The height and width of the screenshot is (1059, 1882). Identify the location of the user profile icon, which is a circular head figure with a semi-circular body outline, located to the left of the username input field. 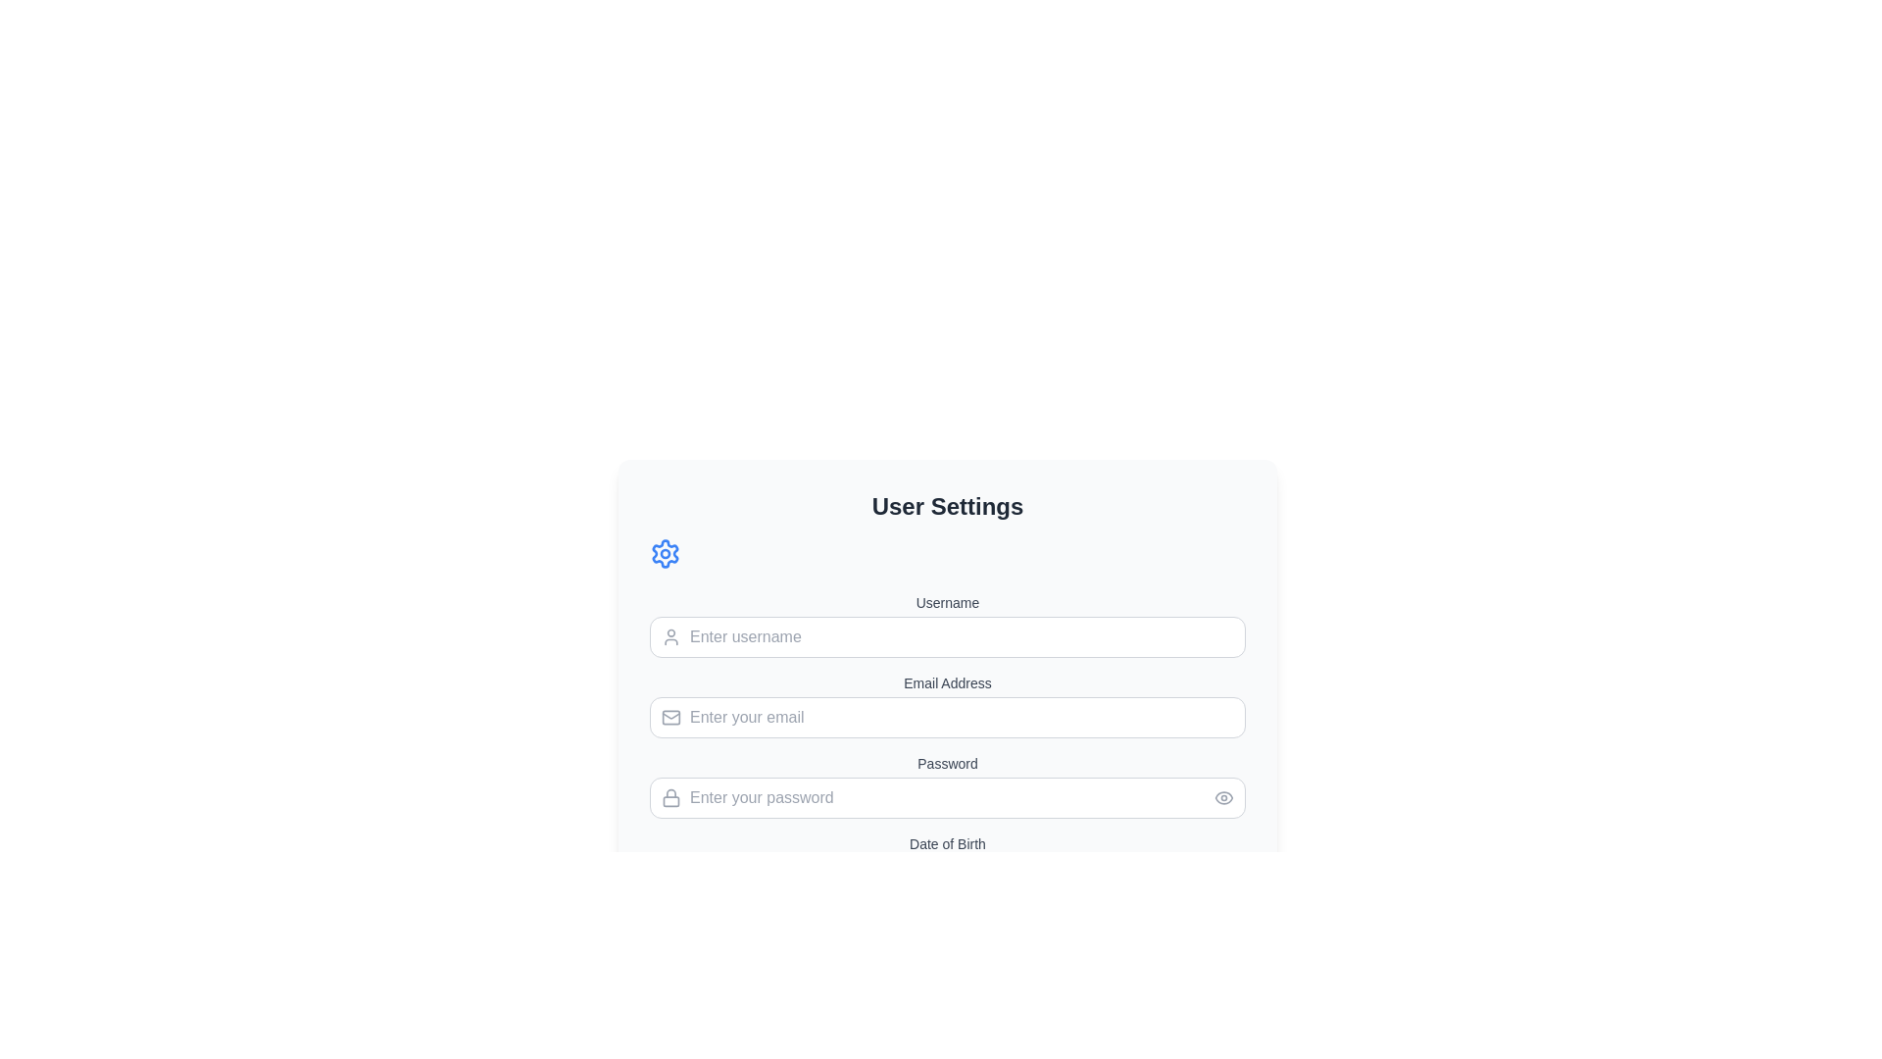
(671, 637).